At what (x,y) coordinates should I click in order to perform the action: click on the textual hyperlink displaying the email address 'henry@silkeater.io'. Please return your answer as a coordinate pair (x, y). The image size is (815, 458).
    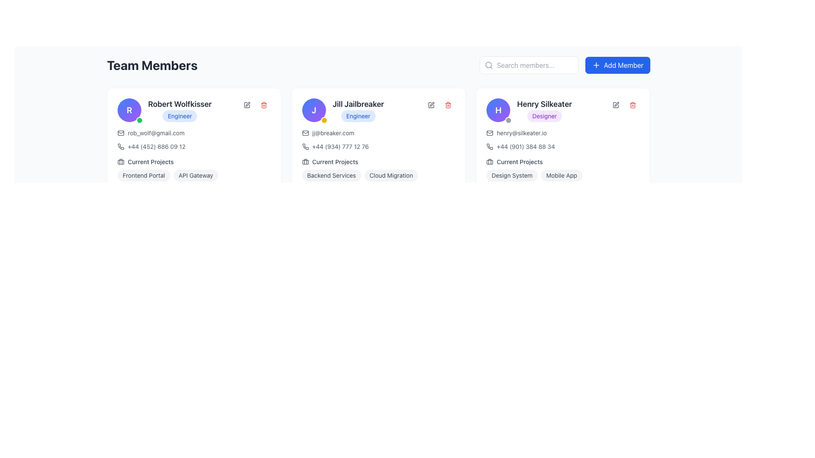
    Looking at the image, I should click on (521, 133).